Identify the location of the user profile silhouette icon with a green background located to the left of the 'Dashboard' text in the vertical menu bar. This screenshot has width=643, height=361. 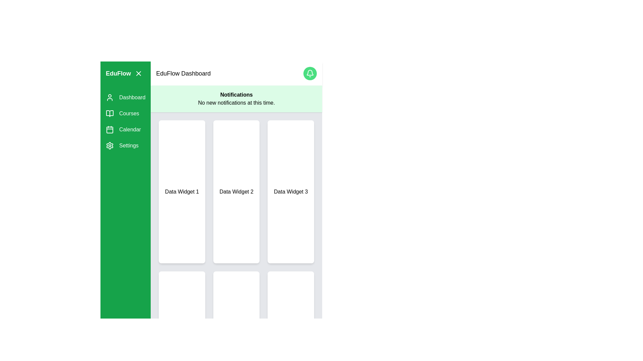
(110, 98).